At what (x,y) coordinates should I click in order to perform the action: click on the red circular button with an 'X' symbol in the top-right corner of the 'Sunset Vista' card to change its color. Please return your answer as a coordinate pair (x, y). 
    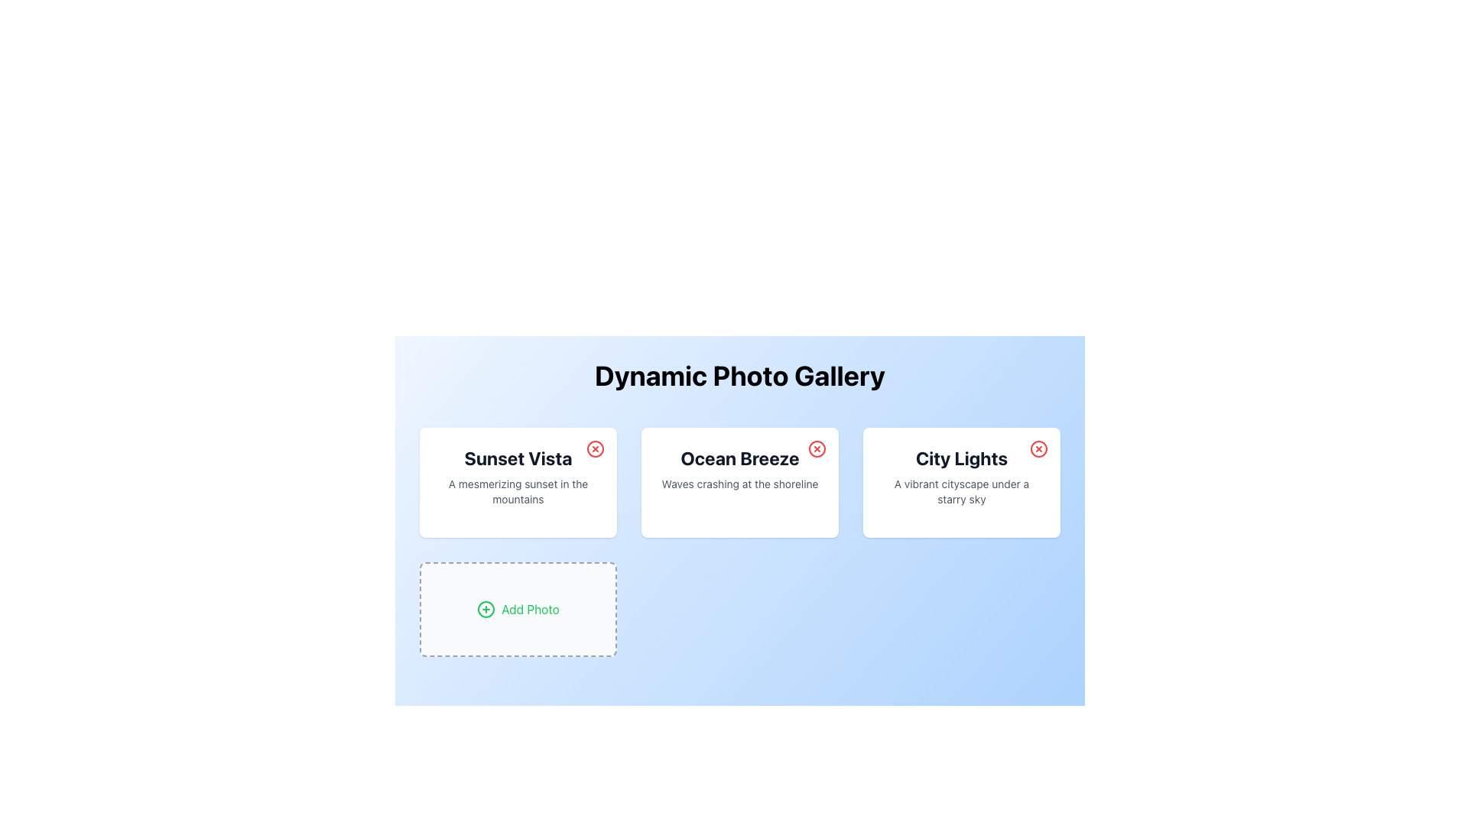
    Looking at the image, I should click on (594, 448).